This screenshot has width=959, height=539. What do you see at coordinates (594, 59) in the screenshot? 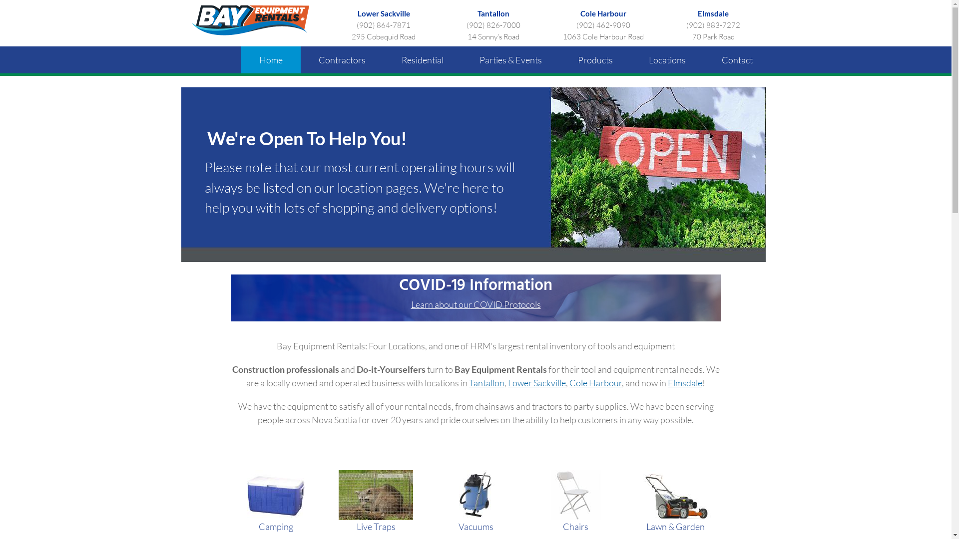
I see `'Products'` at bounding box center [594, 59].